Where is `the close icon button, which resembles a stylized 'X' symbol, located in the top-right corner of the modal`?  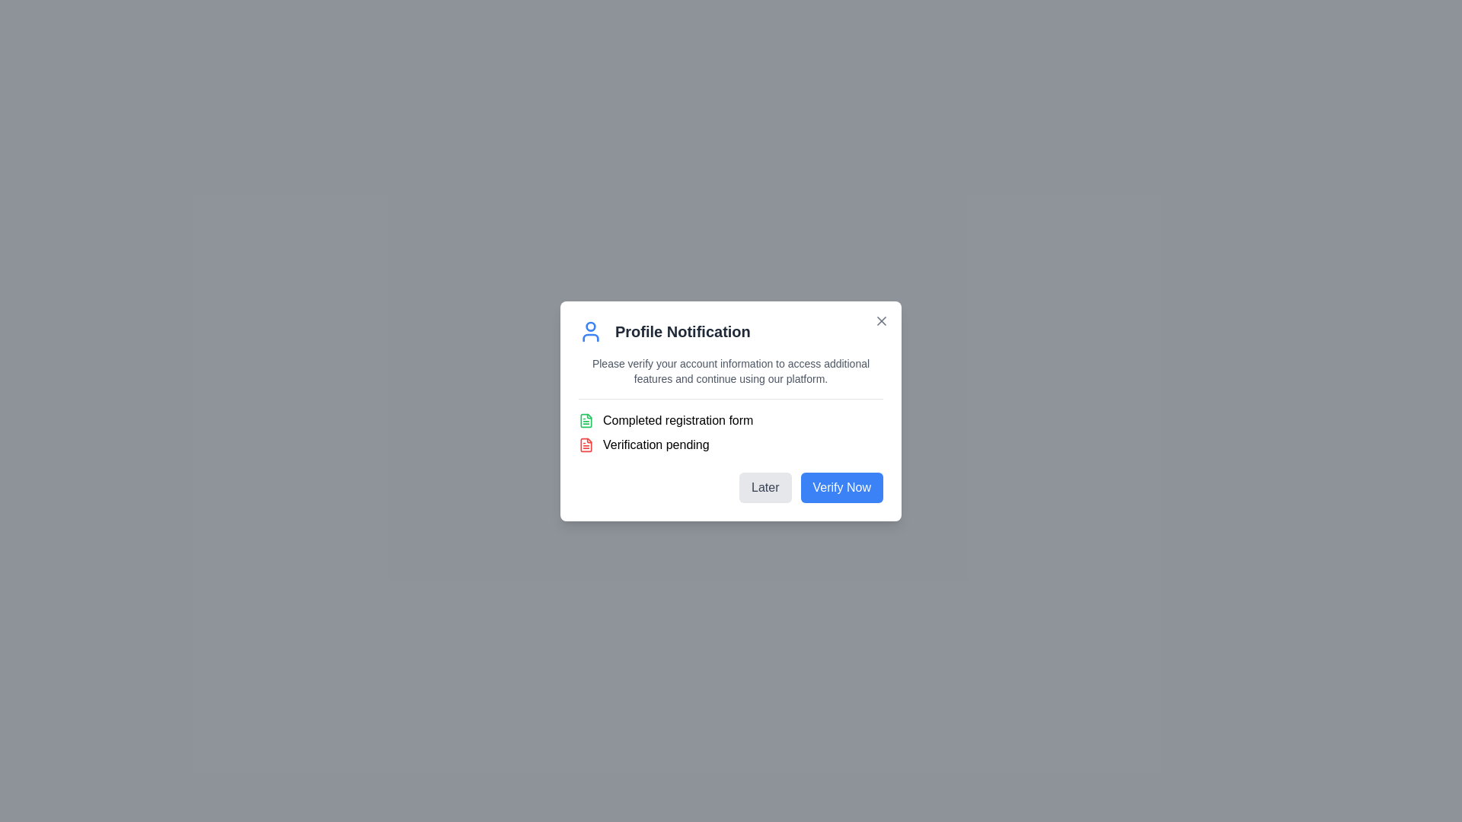
the close icon button, which resembles a stylized 'X' symbol, located in the top-right corner of the modal is located at coordinates (881, 320).